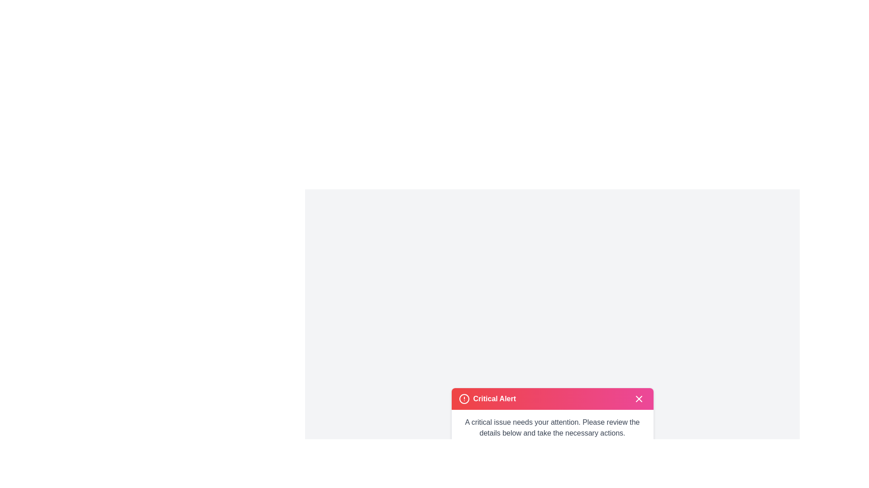 This screenshot has height=488, width=869. What do you see at coordinates (552, 427) in the screenshot?
I see `the informational text block that provides details about a critical issue, located beneath the 'Critical Alert' header and above the action buttons` at bounding box center [552, 427].